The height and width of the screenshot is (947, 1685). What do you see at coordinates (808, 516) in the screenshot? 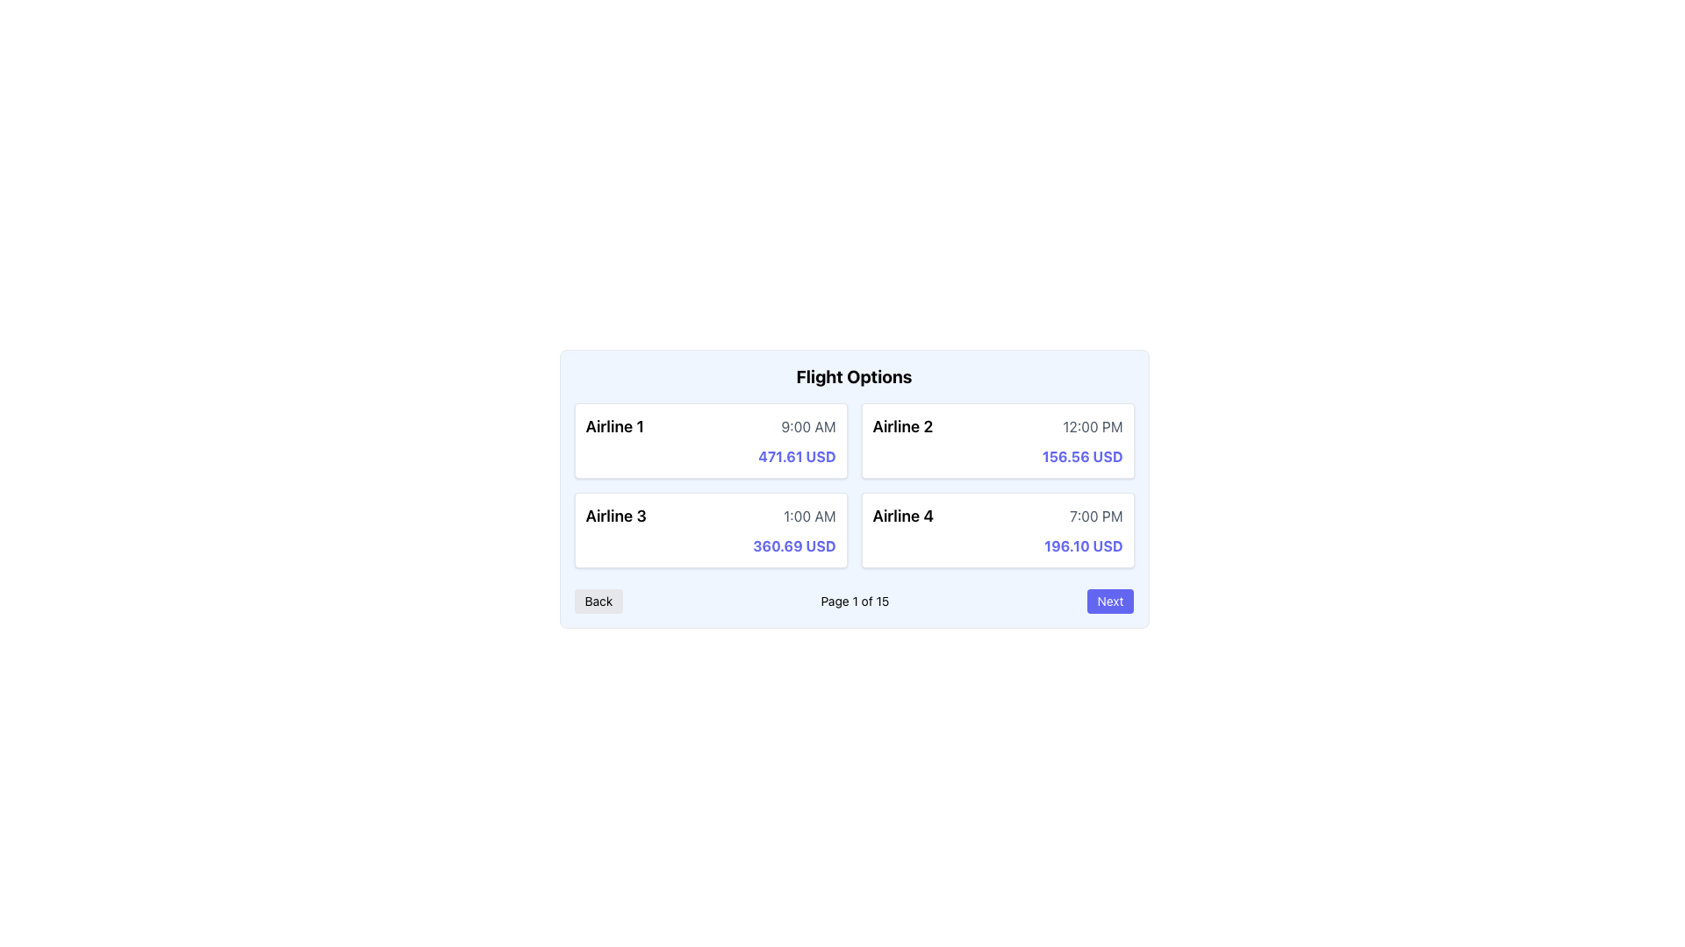
I see `the text element displaying '1:00 AM' in a gray font, located in the lower-left box labeled 'Airline 3'` at bounding box center [808, 516].